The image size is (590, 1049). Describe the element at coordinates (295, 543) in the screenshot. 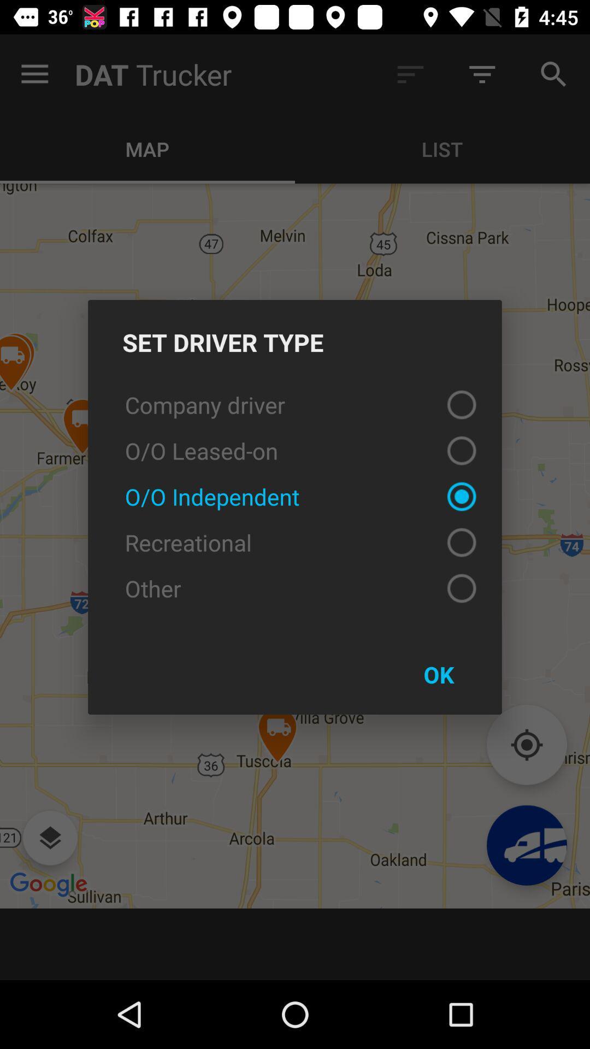

I see `recreational item` at that location.